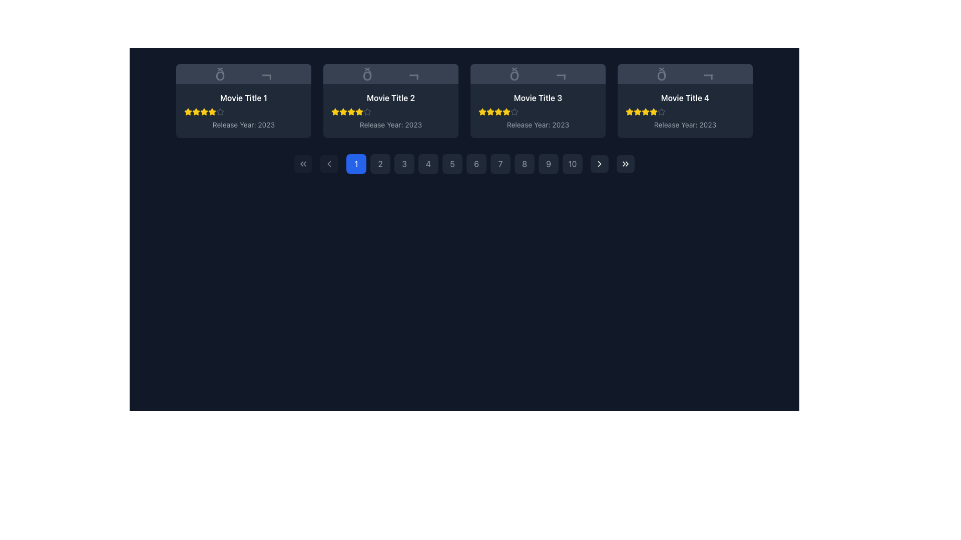 The image size is (961, 540). What do you see at coordinates (243, 124) in the screenshot?
I see `the static text label indicating the release year of the movie displayed in the first movie card, located beneath 'Movie Title 1' and the star rating` at bounding box center [243, 124].